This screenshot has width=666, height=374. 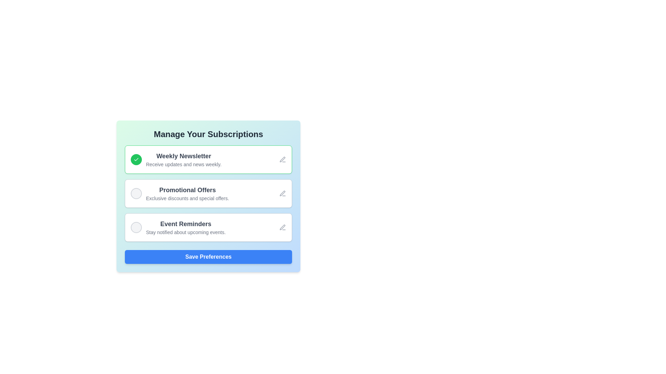 What do you see at coordinates (283, 194) in the screenshot?
I see `the pen icon located in the 'Promotional Offers' card of the 'Manage Your Subscriptions' section` at bounding box center [283, 194].